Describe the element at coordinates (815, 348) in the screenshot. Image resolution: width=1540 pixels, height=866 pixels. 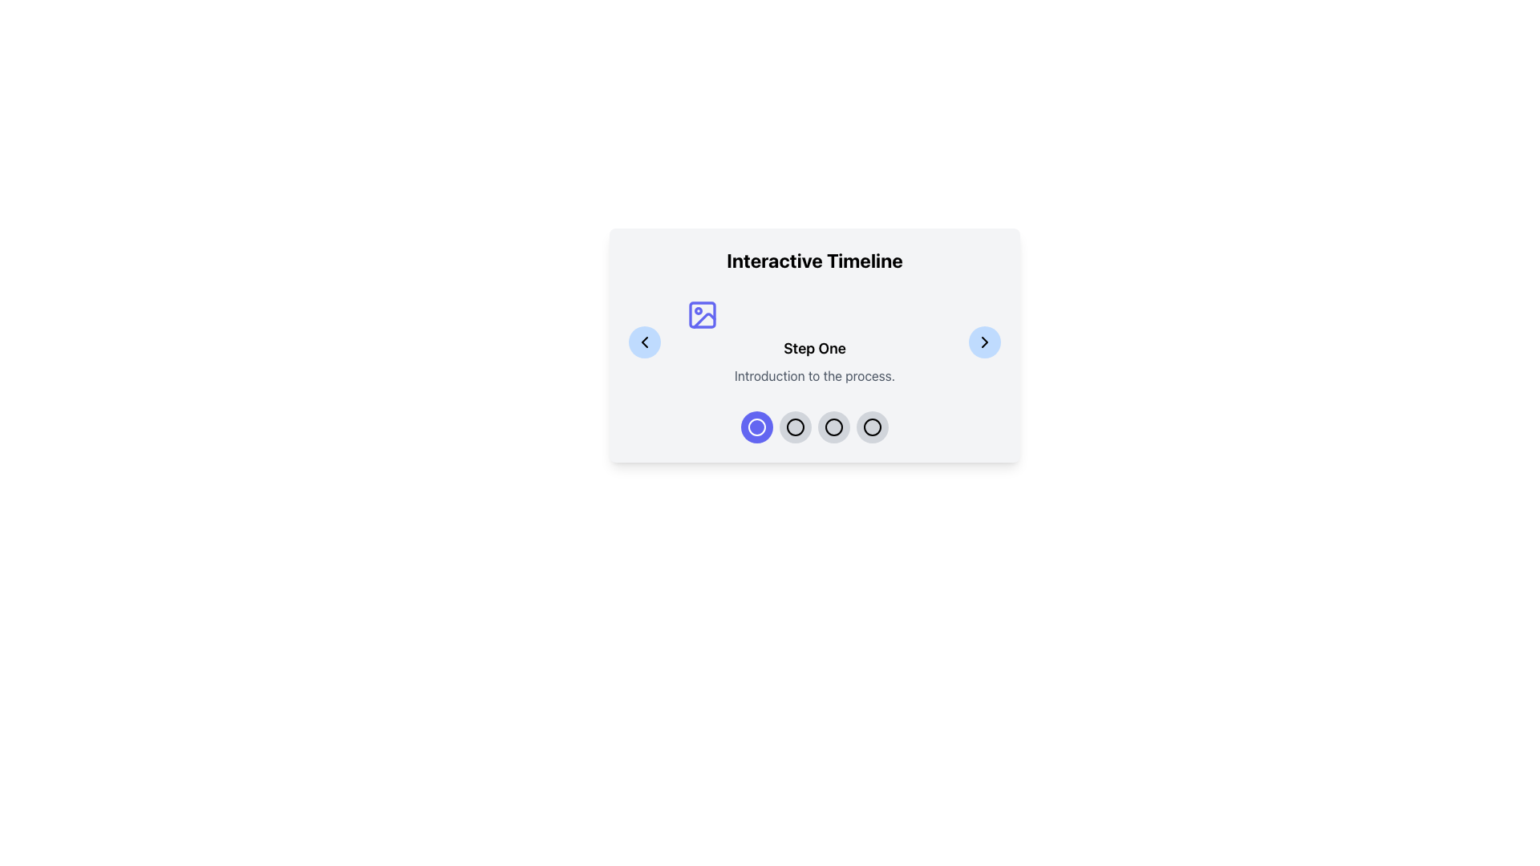
I see `the static text header that labels the current step in the process, located centrally below an icon and above descriptive text` at that location.